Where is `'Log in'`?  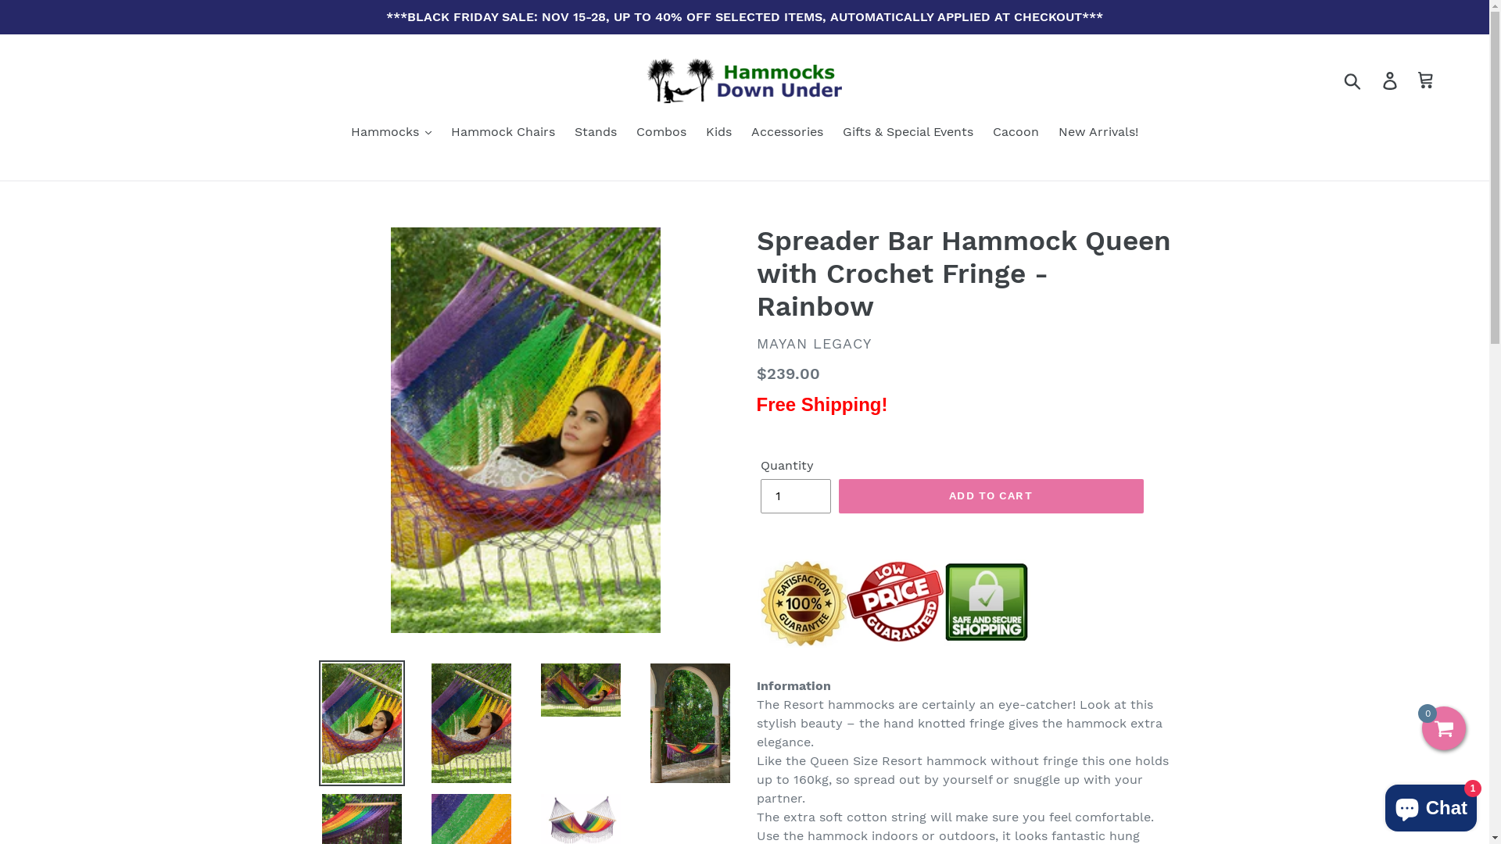
'Log in' is located at coordinates (1391, 80).